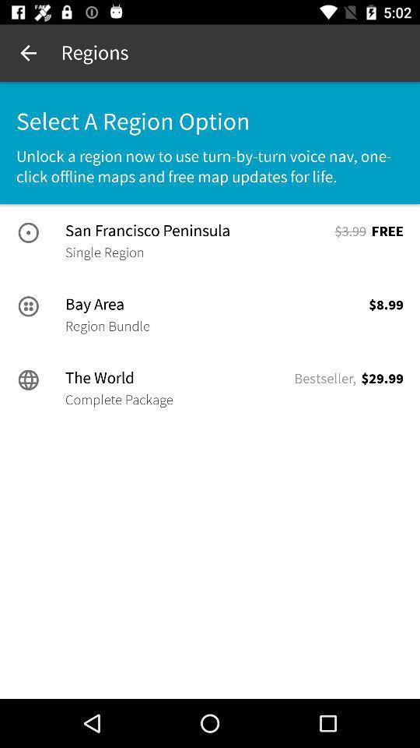 The height and width of the screenshot is (748, 420). I want to click on icon next to the $8.99 icon, so click(107, 325).